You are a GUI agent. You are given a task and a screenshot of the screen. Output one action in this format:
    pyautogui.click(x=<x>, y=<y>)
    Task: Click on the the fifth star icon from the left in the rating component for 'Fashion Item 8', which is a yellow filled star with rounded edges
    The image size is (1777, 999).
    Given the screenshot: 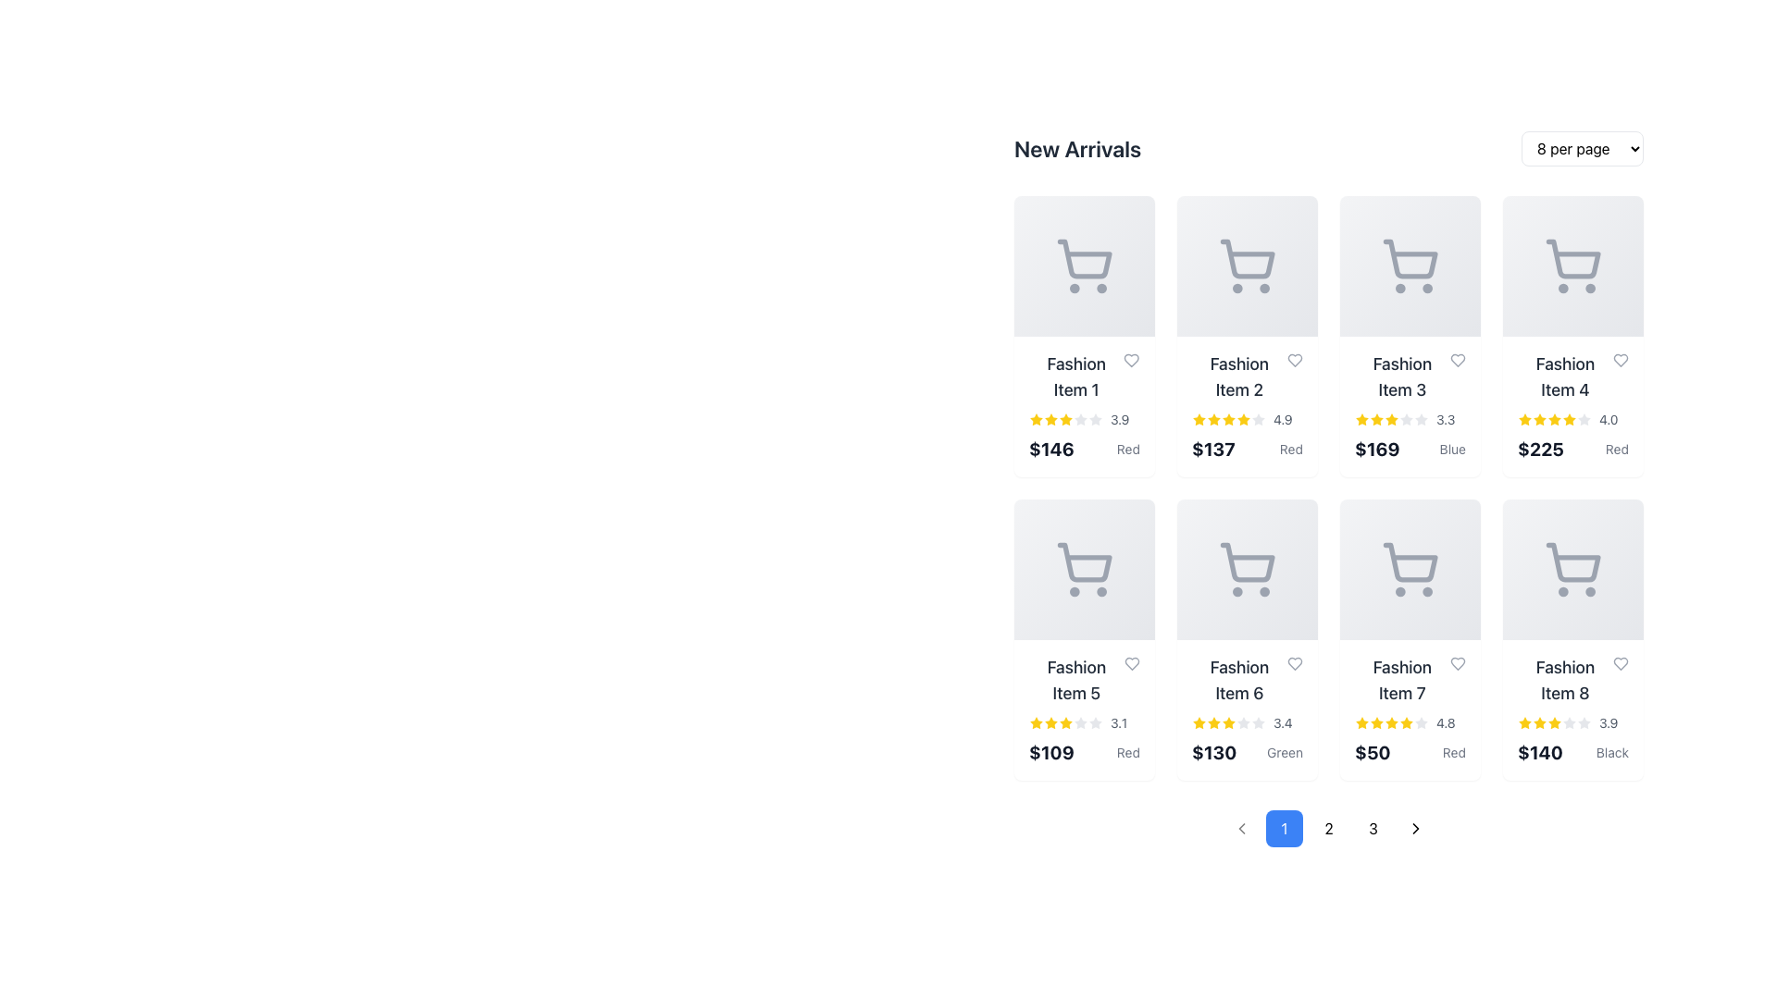 What is the action you would take?
    pyautogui.click(x=1555, y=722)
    